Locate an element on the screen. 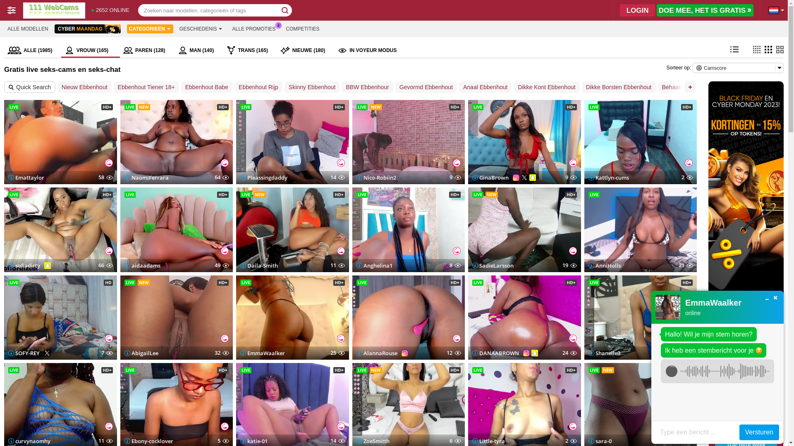 The height and width of the screenshot is (446, 794). 'BBW Ebbenhour' is located at coordinates (367, 87).